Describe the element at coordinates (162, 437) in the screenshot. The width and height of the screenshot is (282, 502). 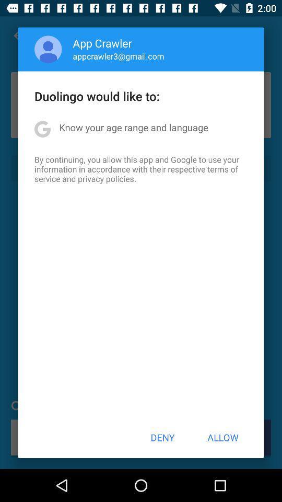
I see `deny icon` at that location.